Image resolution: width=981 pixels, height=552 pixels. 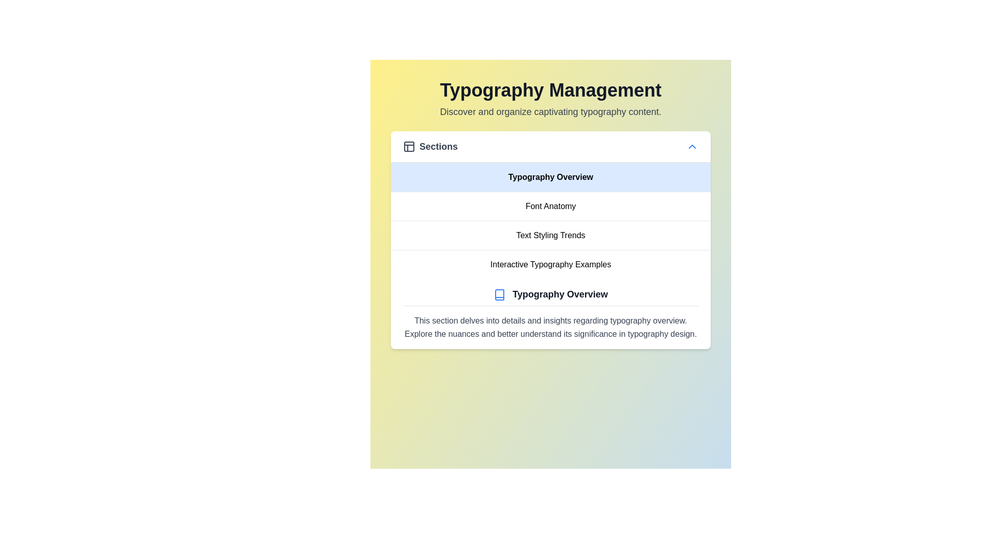 I want to click on static text located directly beneath the header 'Typography Management' to gather supportive information about the page's topic, so click(x=550, y=112).